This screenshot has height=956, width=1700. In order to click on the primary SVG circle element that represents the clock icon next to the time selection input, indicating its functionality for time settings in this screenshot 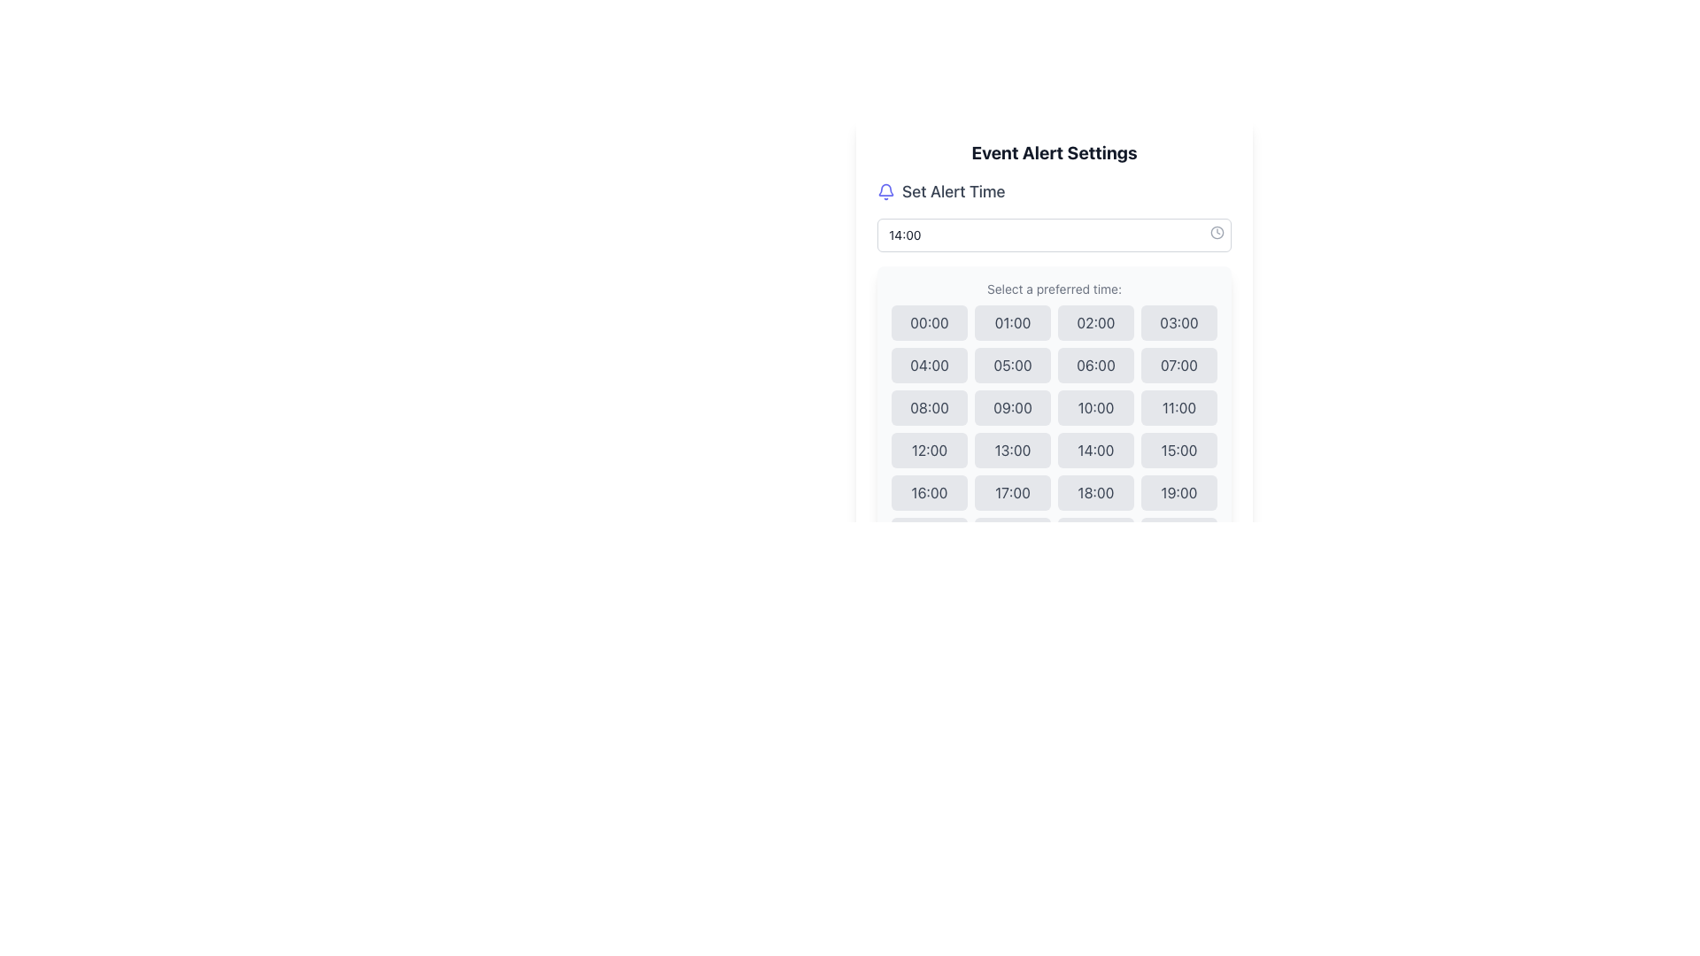, I will do `click(1216, 231)`.